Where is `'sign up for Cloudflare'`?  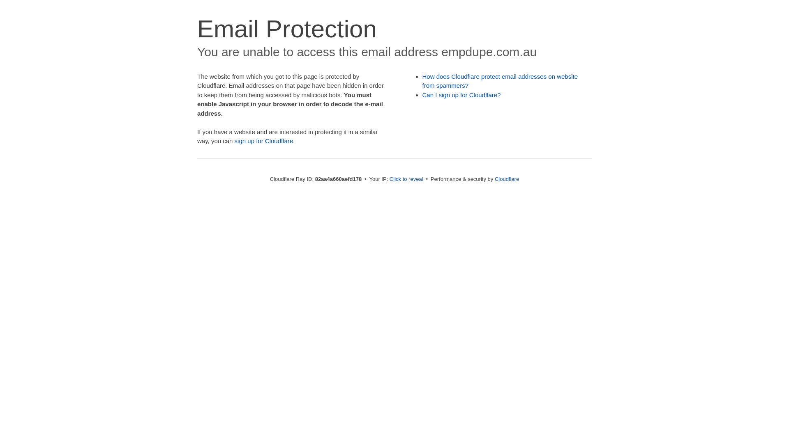
'sign up for Cloudflare' is located at coordinates (264, 140).